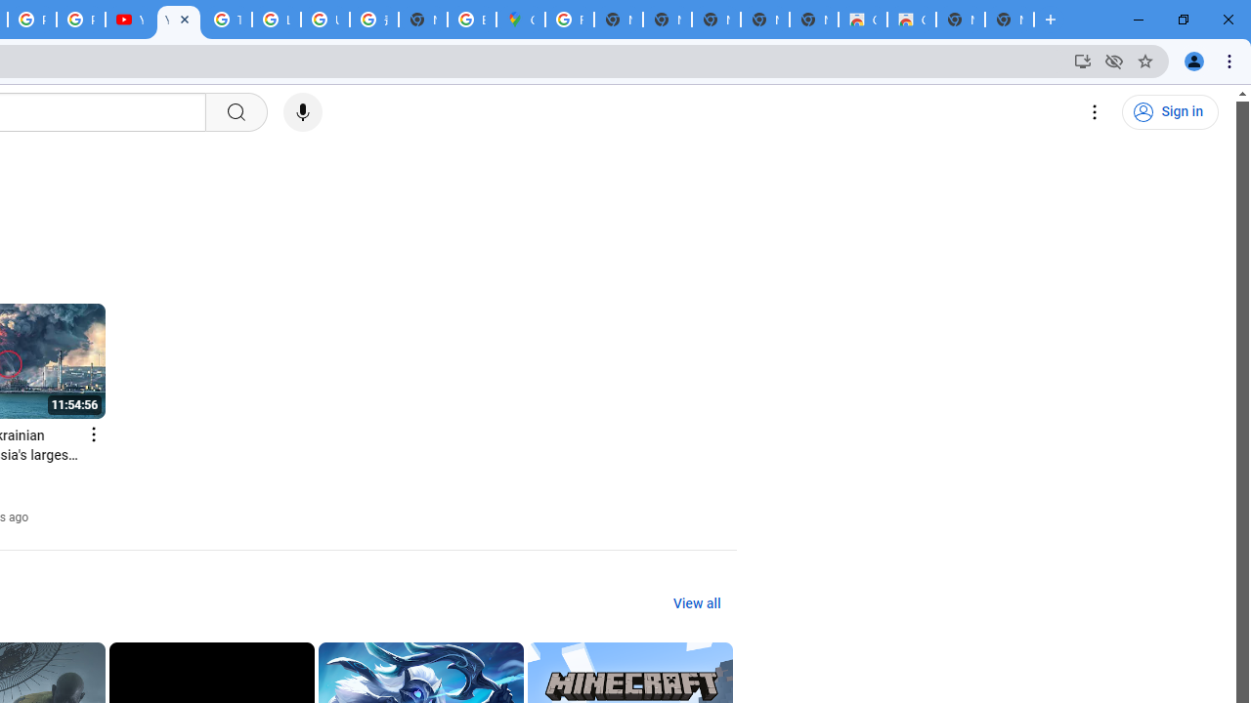 The height and width of the screenshot is (703, 1251). Describe the element at coordinates (696, 603) in the screenshot. I see `'View all'` at that location.